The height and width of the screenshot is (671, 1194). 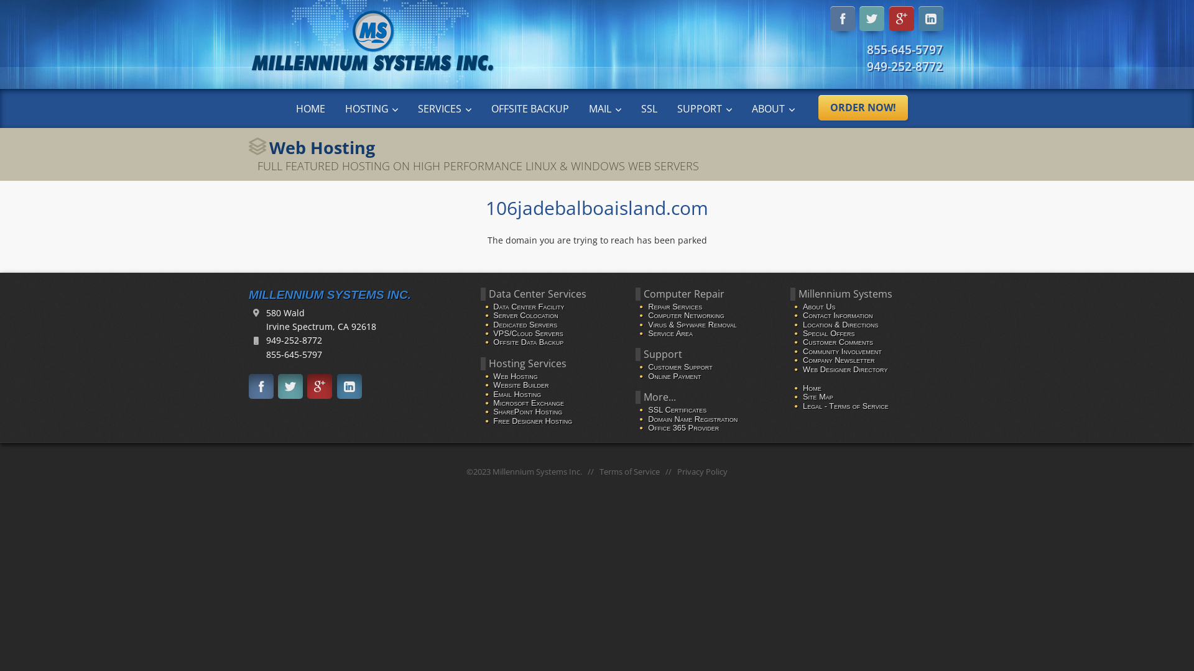 I want to click on 'Online Payment', so click(x=647, y=375).